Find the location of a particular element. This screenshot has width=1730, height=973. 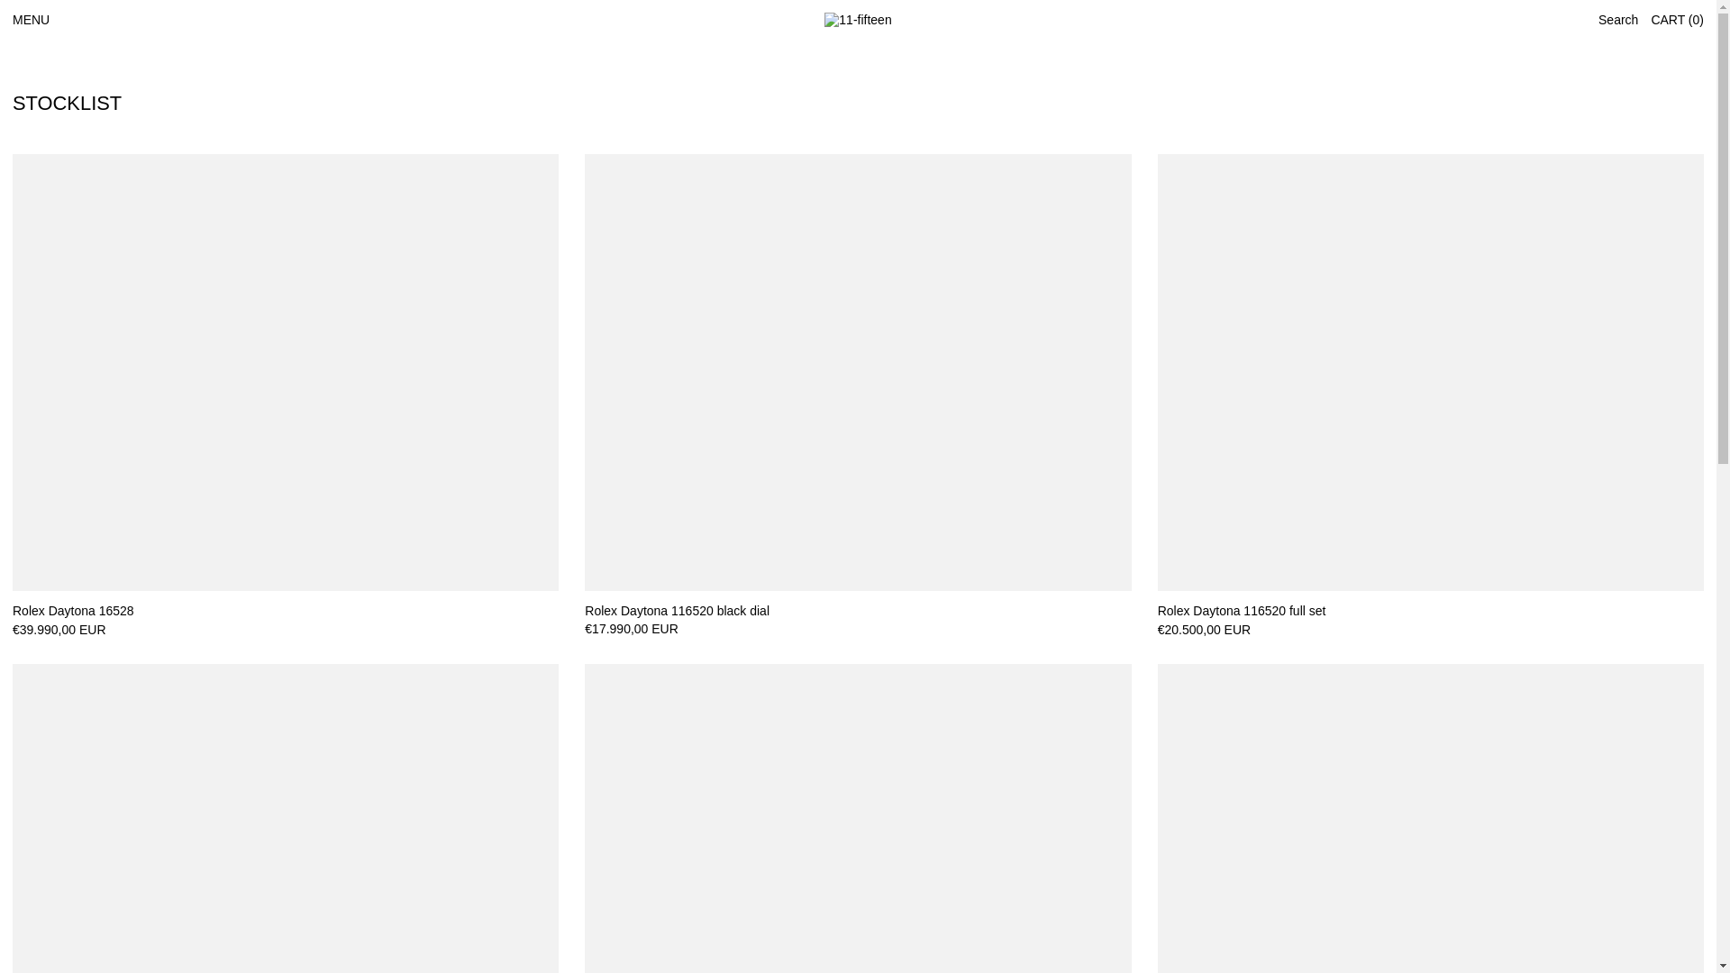

'Search' is located at coordinates (1617, 20).